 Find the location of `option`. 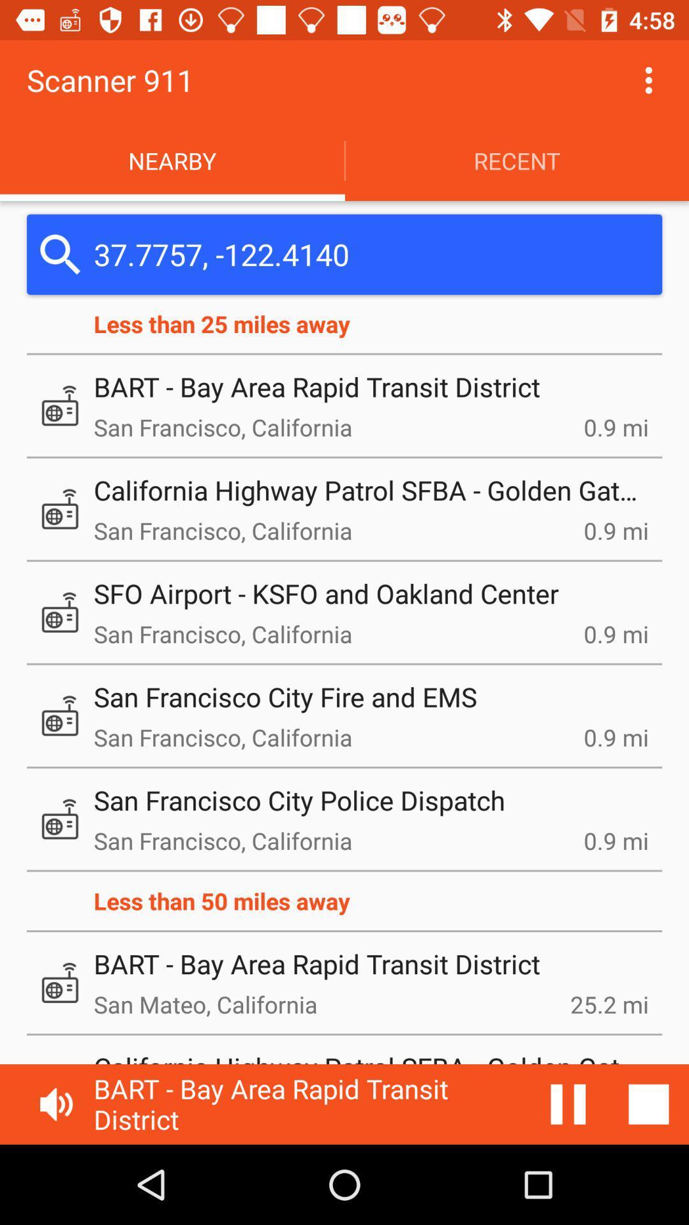

option is located at coordinates (649, 79).